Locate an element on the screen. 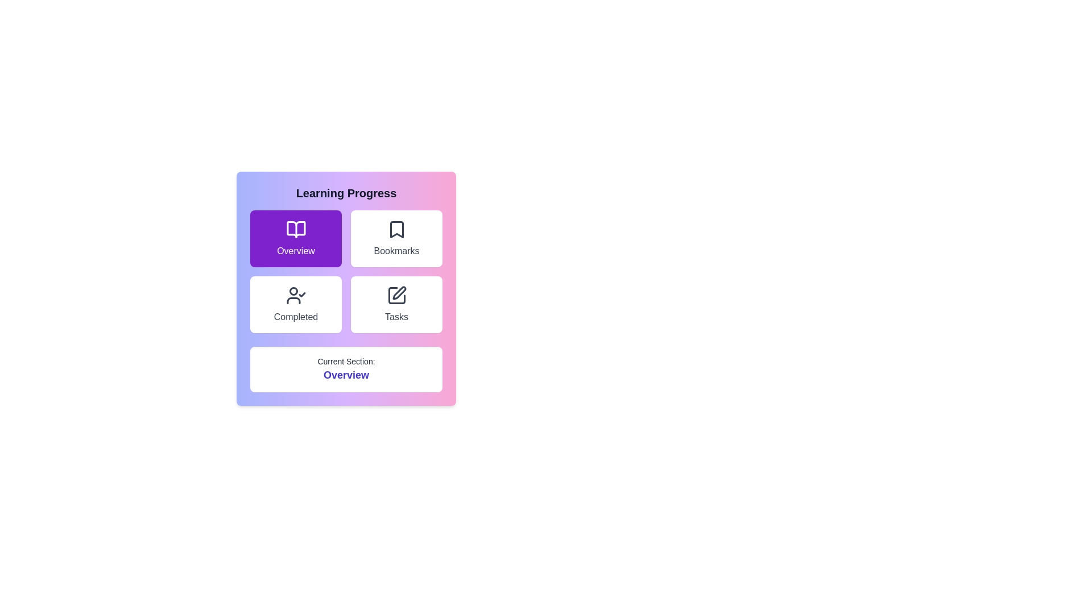 The width and height of the screenshot is (1092, 614). the button corresponding to the Tasks section is located at coordinates (396, 304).